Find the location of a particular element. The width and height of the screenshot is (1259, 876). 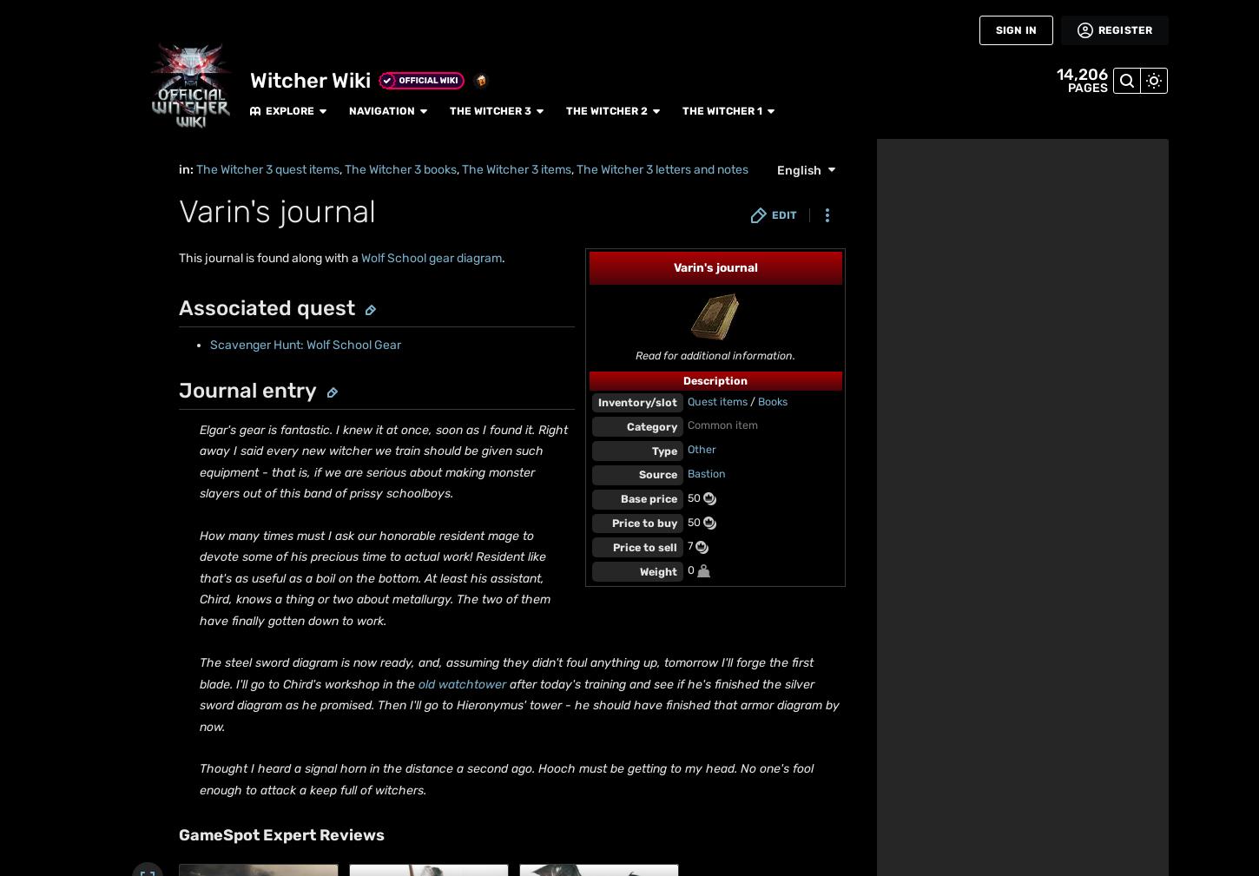

'Video' is located at coordinates (29, 497).